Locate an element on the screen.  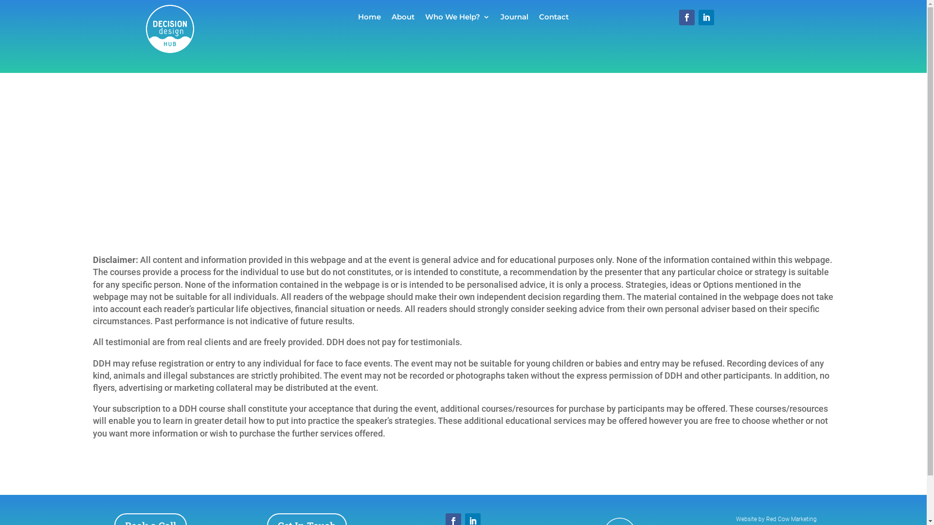
'About' is located at coordinates (403, 18).